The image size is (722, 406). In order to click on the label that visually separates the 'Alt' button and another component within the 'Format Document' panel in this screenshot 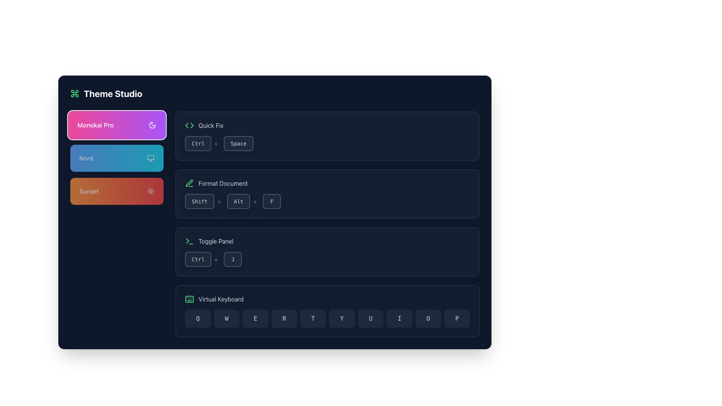, I will do `click(255, 201)`.